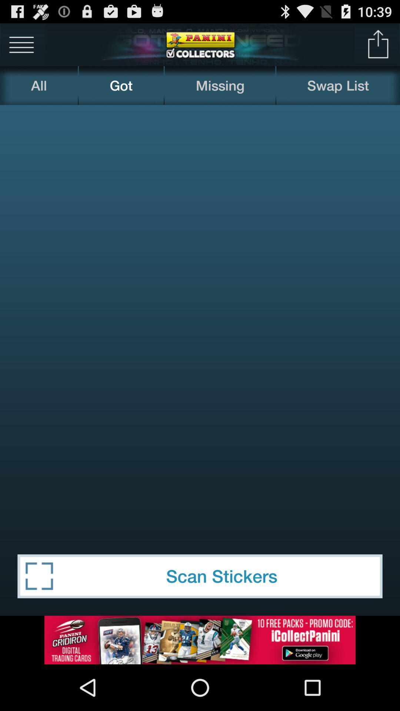 Image resolution: width=400 pixels, height=711 pixels. I want to click on the icon above all item, so click(21, 44).